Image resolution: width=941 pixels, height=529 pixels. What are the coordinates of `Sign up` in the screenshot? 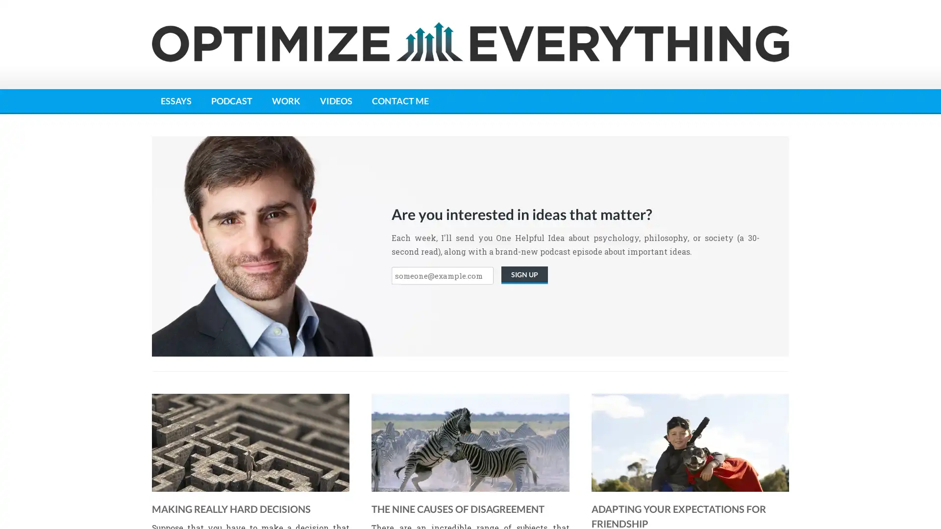 It's located at (524, 275).